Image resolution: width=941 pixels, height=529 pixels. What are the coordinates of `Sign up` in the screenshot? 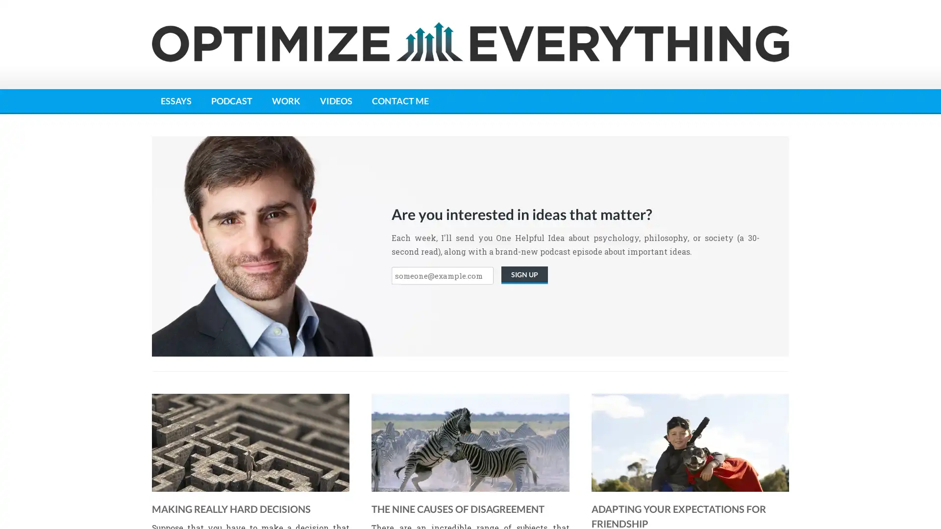 It's located at (524, 275).